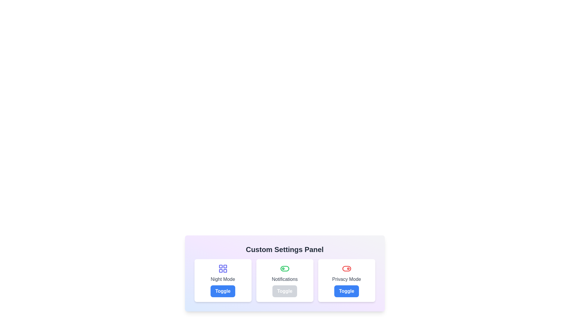 The height and width of the screenshot is (321, 571). I want to click on the 'Privacy Mode' toggle button, so click(346, 291).